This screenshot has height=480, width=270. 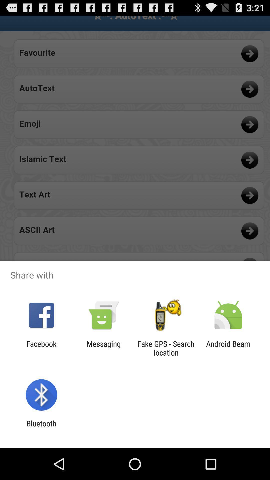 What do you see at coordinates (228, 348) in the screenshot?
I see `android beam item` at bounding box center [228, 348].